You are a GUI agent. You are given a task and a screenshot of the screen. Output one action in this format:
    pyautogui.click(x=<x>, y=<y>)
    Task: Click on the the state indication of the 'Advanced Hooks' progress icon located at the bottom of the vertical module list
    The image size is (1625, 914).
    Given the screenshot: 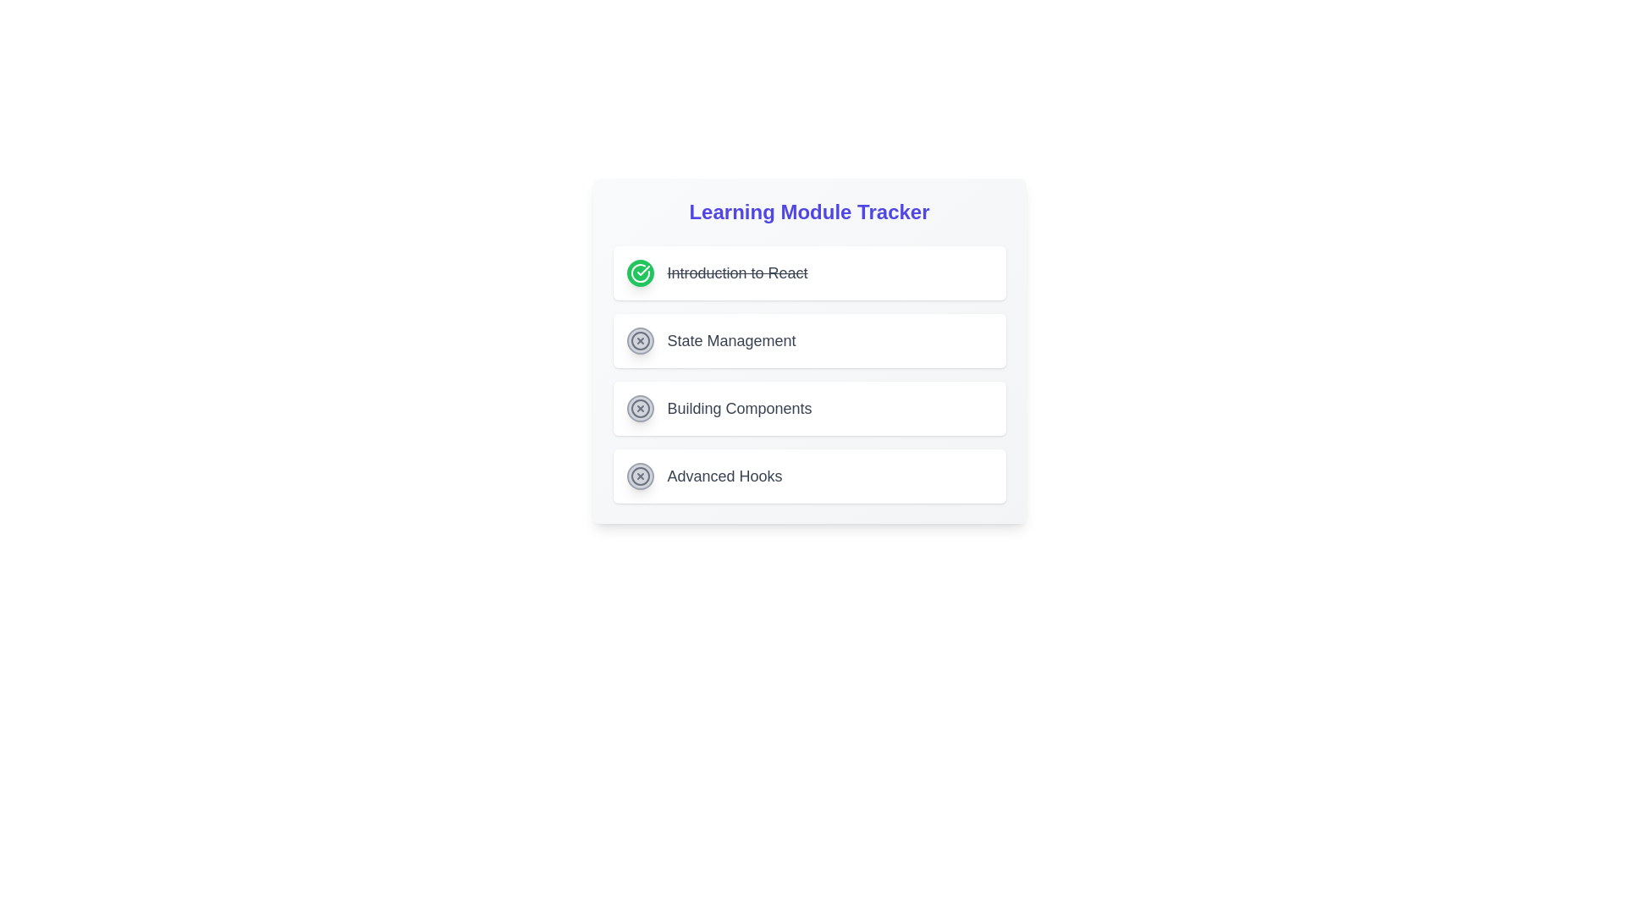 What is the action you would take?
    pyautogui.click(x=639, y=476)
    